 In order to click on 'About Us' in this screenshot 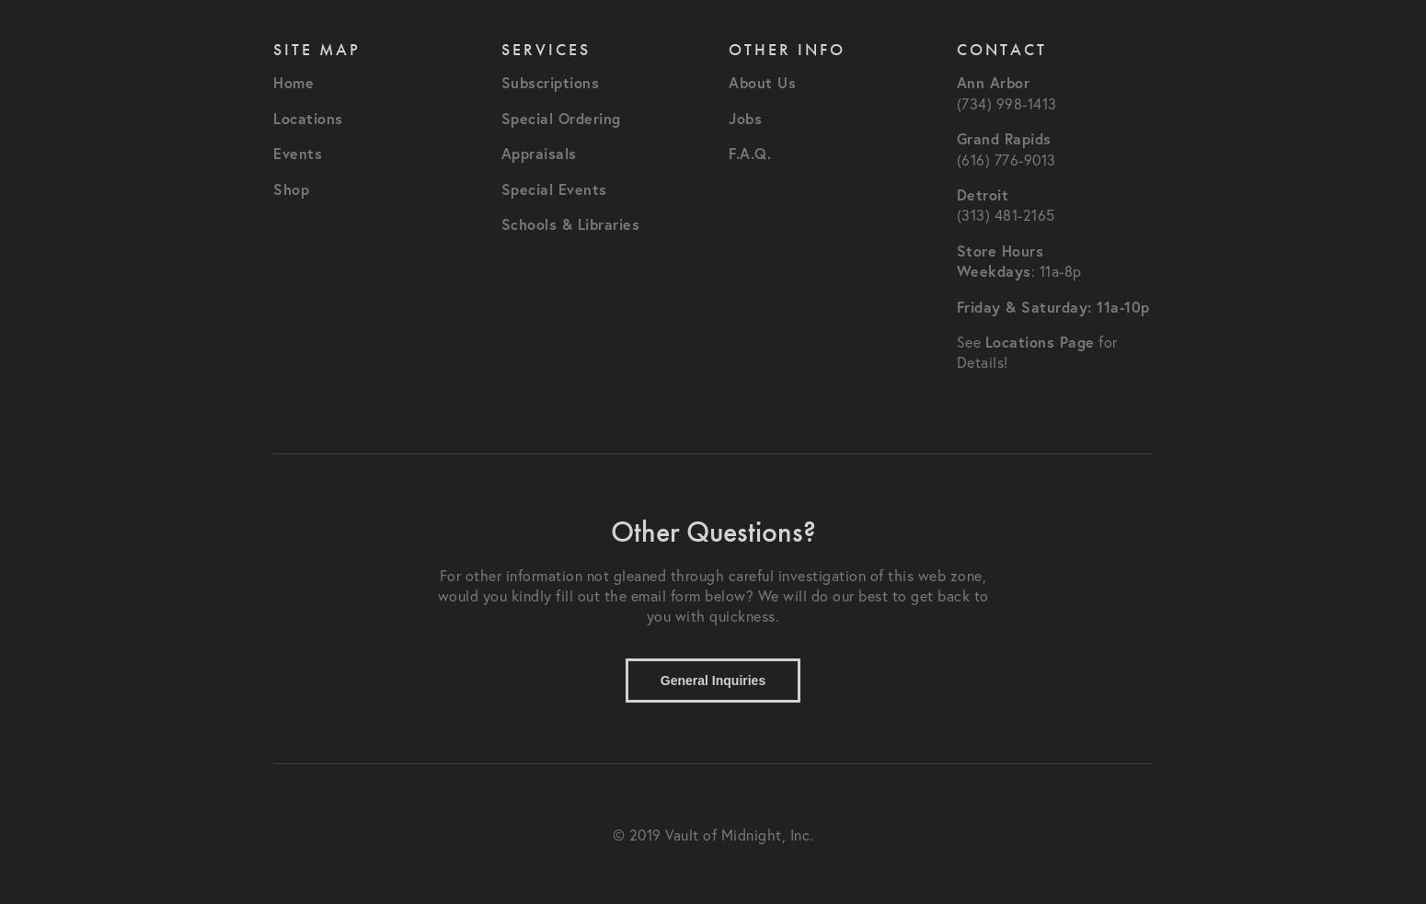, I will do `click(761, 81)`.